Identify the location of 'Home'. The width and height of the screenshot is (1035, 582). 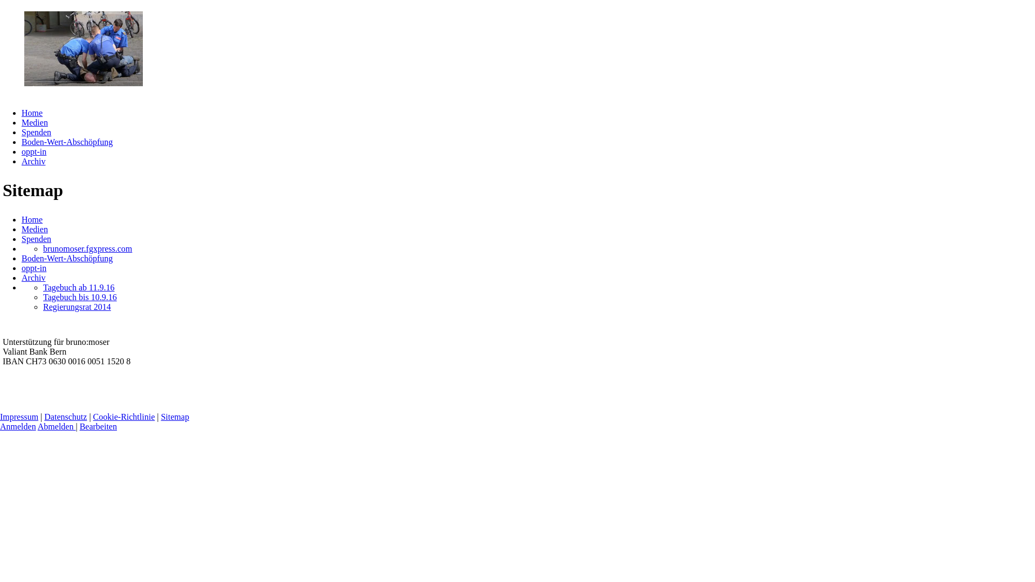
(32, 219).